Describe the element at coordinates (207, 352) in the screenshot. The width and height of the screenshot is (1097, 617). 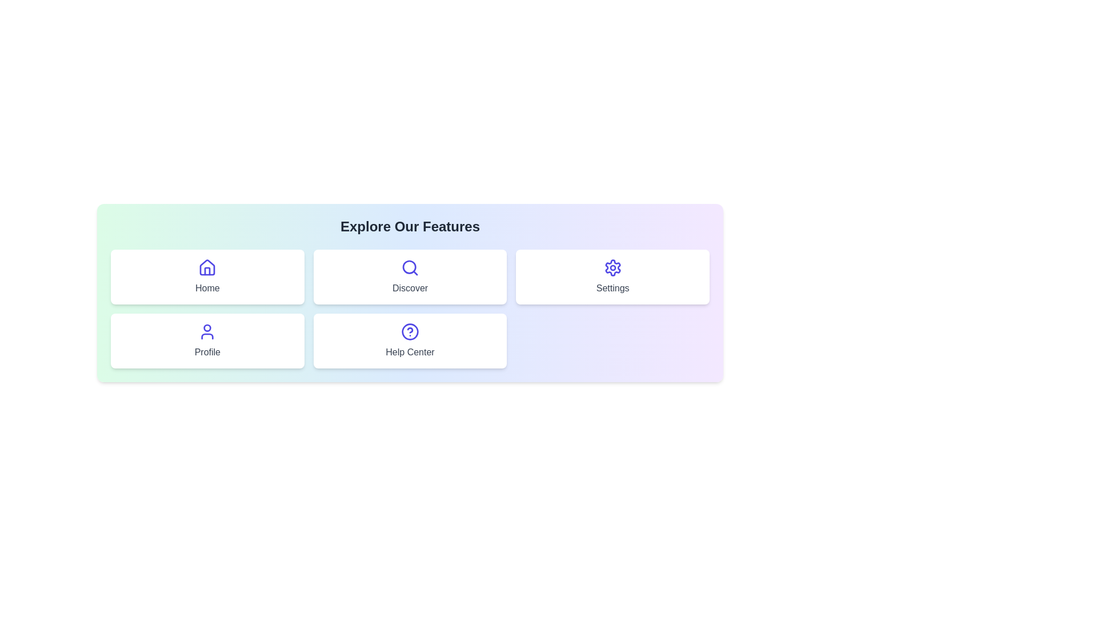
I see `the 'Profile' text label located in the second row of the grid layout, leftmost cell, directly beneath the profile icon` at that location.